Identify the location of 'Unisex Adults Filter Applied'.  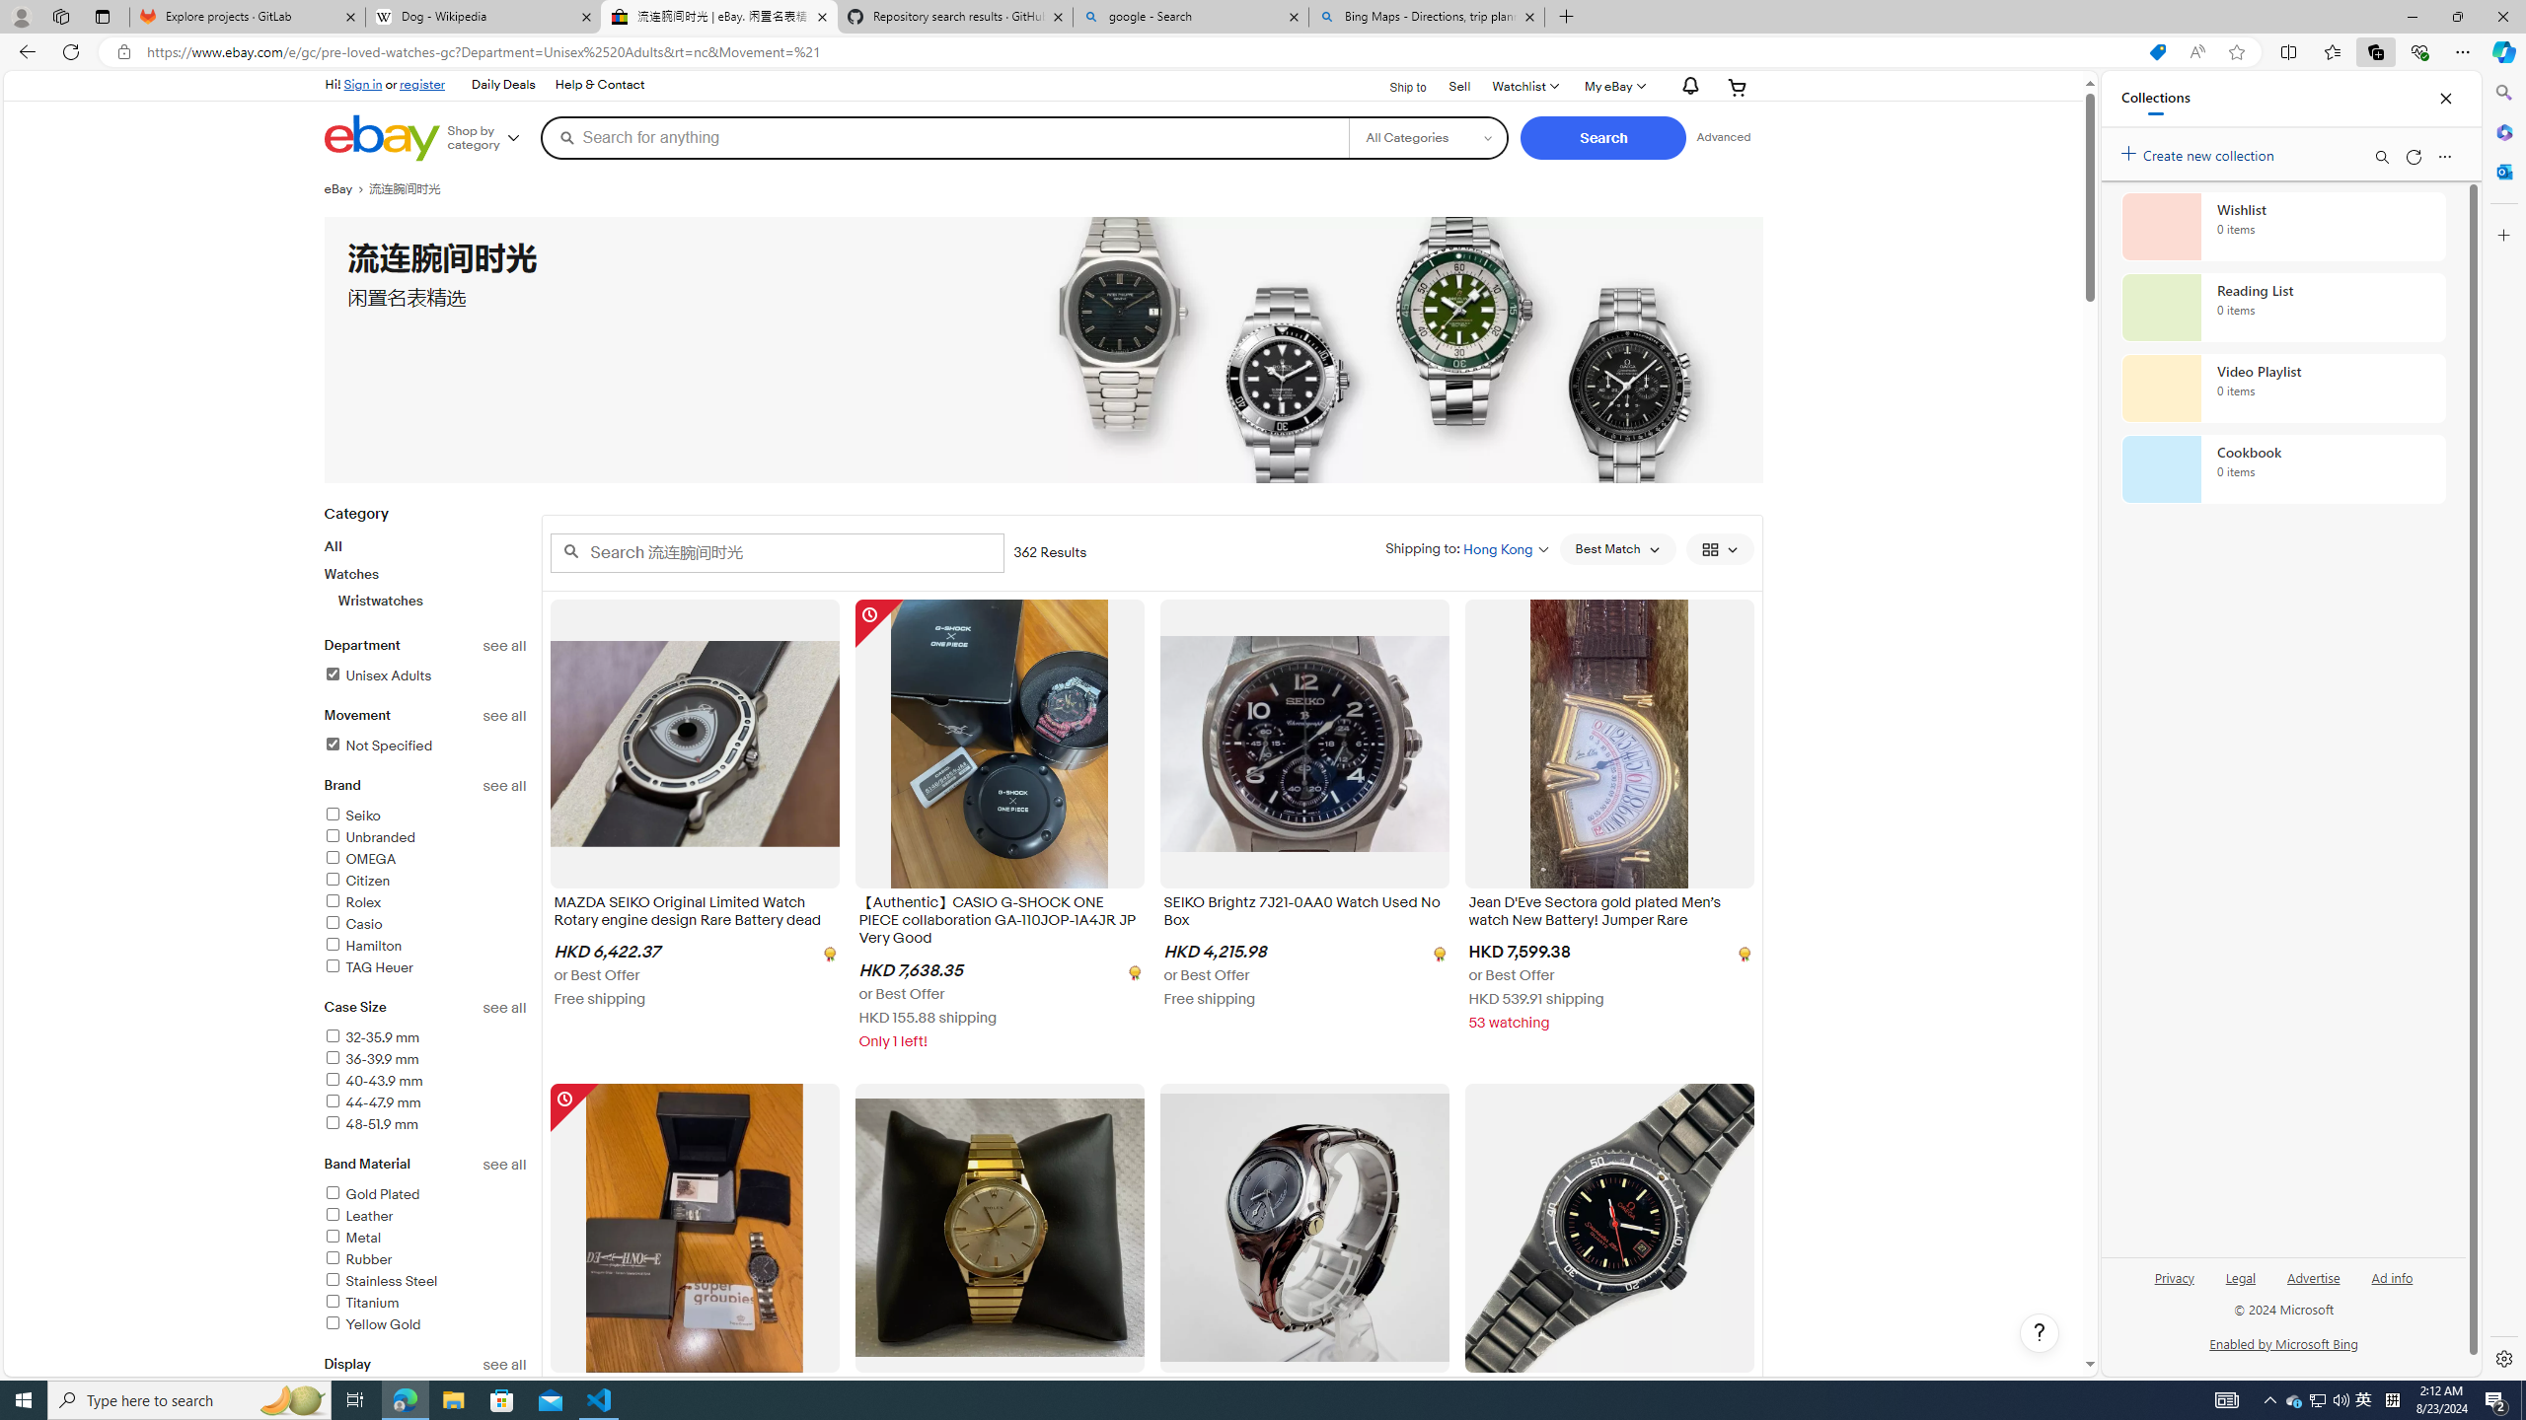
(377, 675).